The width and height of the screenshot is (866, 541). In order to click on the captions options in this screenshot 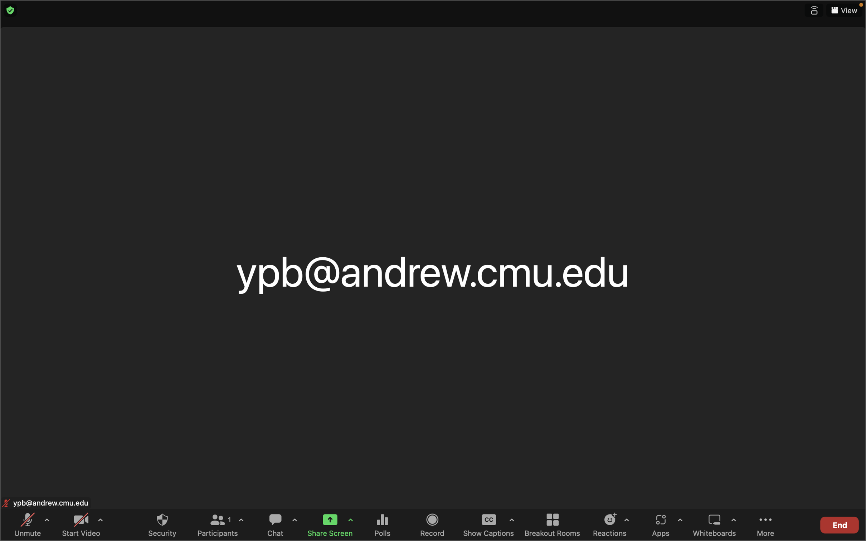, I will do `click(511, 521)`.